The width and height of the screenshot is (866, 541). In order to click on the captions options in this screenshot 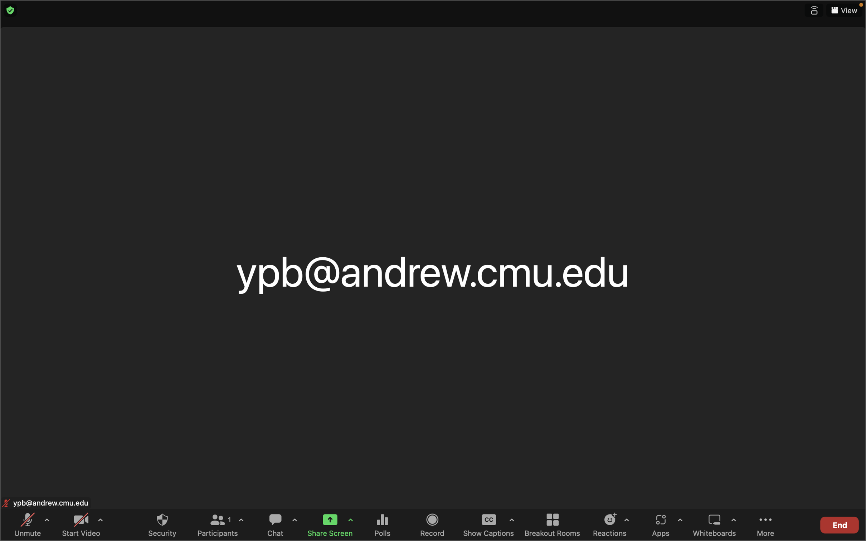, I will do `click(511, 521)`.